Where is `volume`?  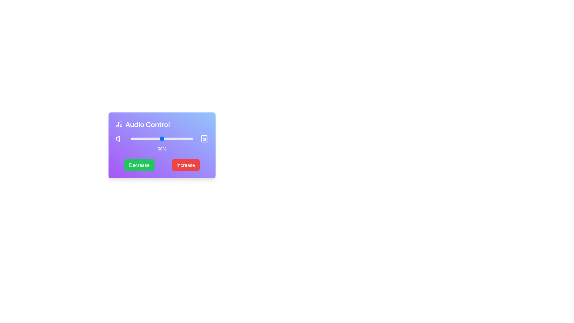 volume is located at coordinates (167, 138).